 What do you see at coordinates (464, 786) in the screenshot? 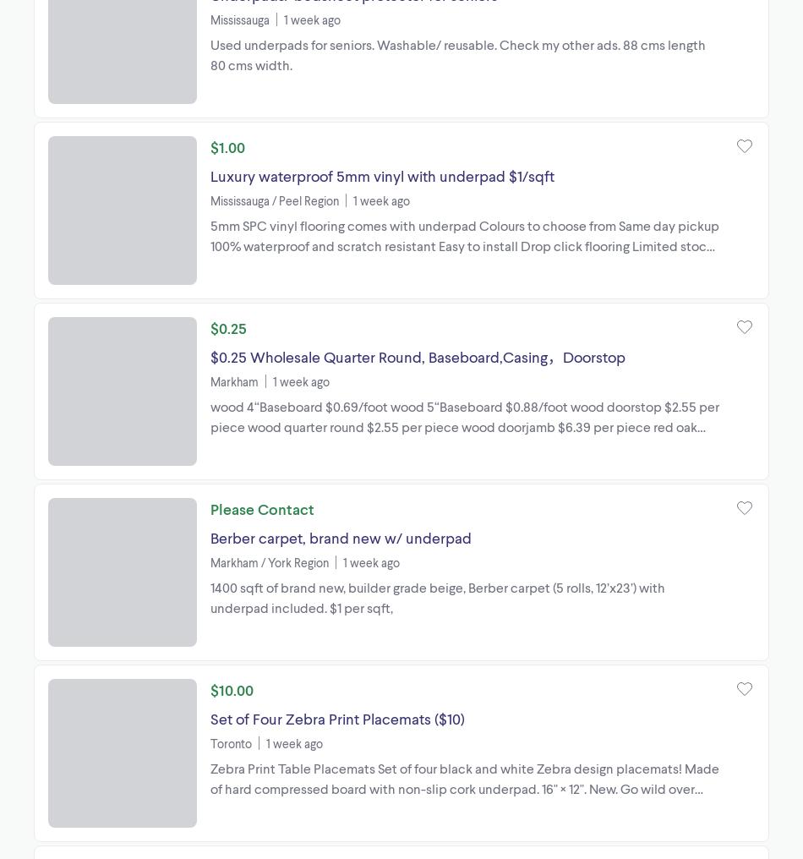
I see `'Zebra Print Table Placemats Set of four black and white Zebra design placemats! Made of hard compressed board with non-slip cork underpad. 16" × 12". New. Go wild over lunch or dinner or complement ...'` at bounding box center [464, 786].